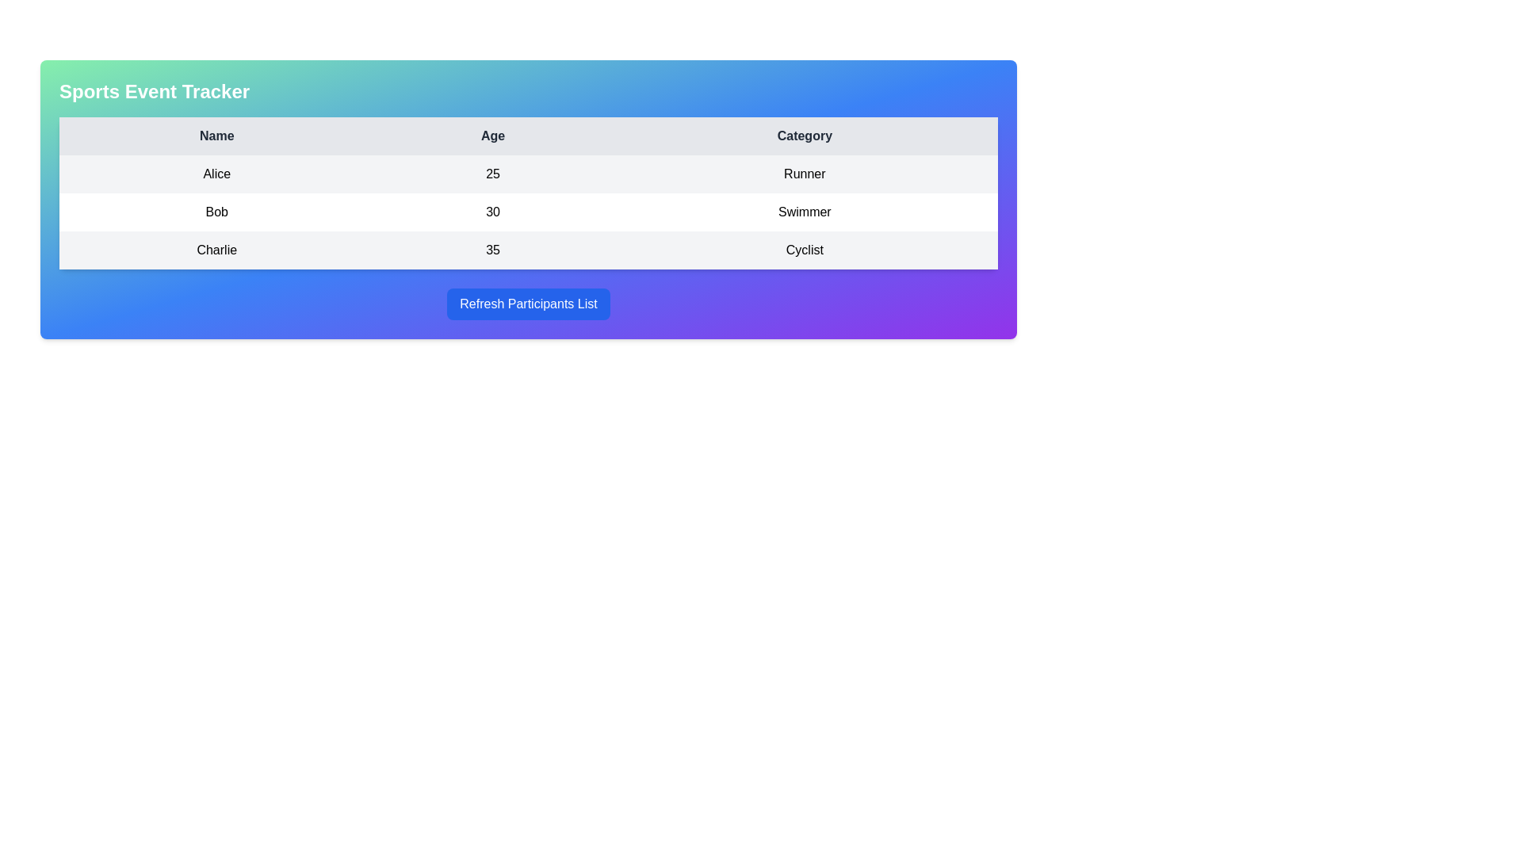  Describe the element at coordinates (492, 174) in the screenshot. I see `value from the table cell representing the age attribute of the participant named Alice, located in the second column of the first row between 'Name' and 'Category'` at that location.